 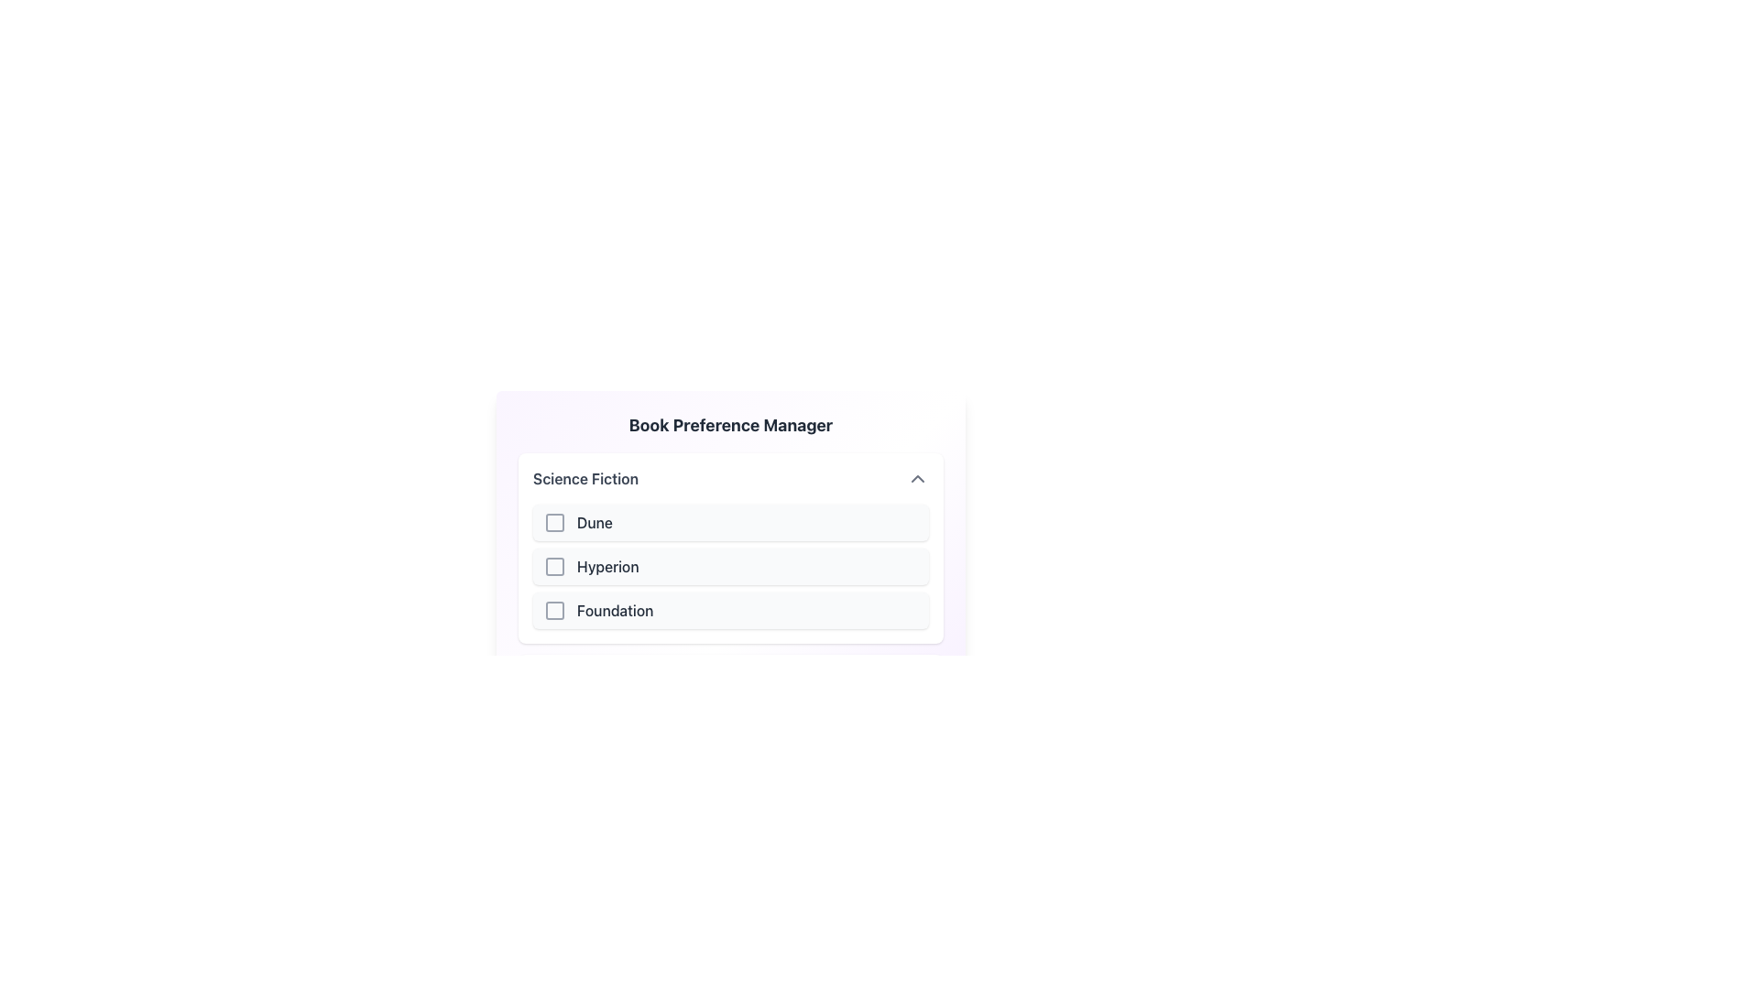 What do you see at coordinates (553, 565) in the screenshot?
I see `the square checkbox with a thin gray outline located in the row labeled 'Hyperion' within the 'Science Fiction' section` at bounding box center [553, 565].